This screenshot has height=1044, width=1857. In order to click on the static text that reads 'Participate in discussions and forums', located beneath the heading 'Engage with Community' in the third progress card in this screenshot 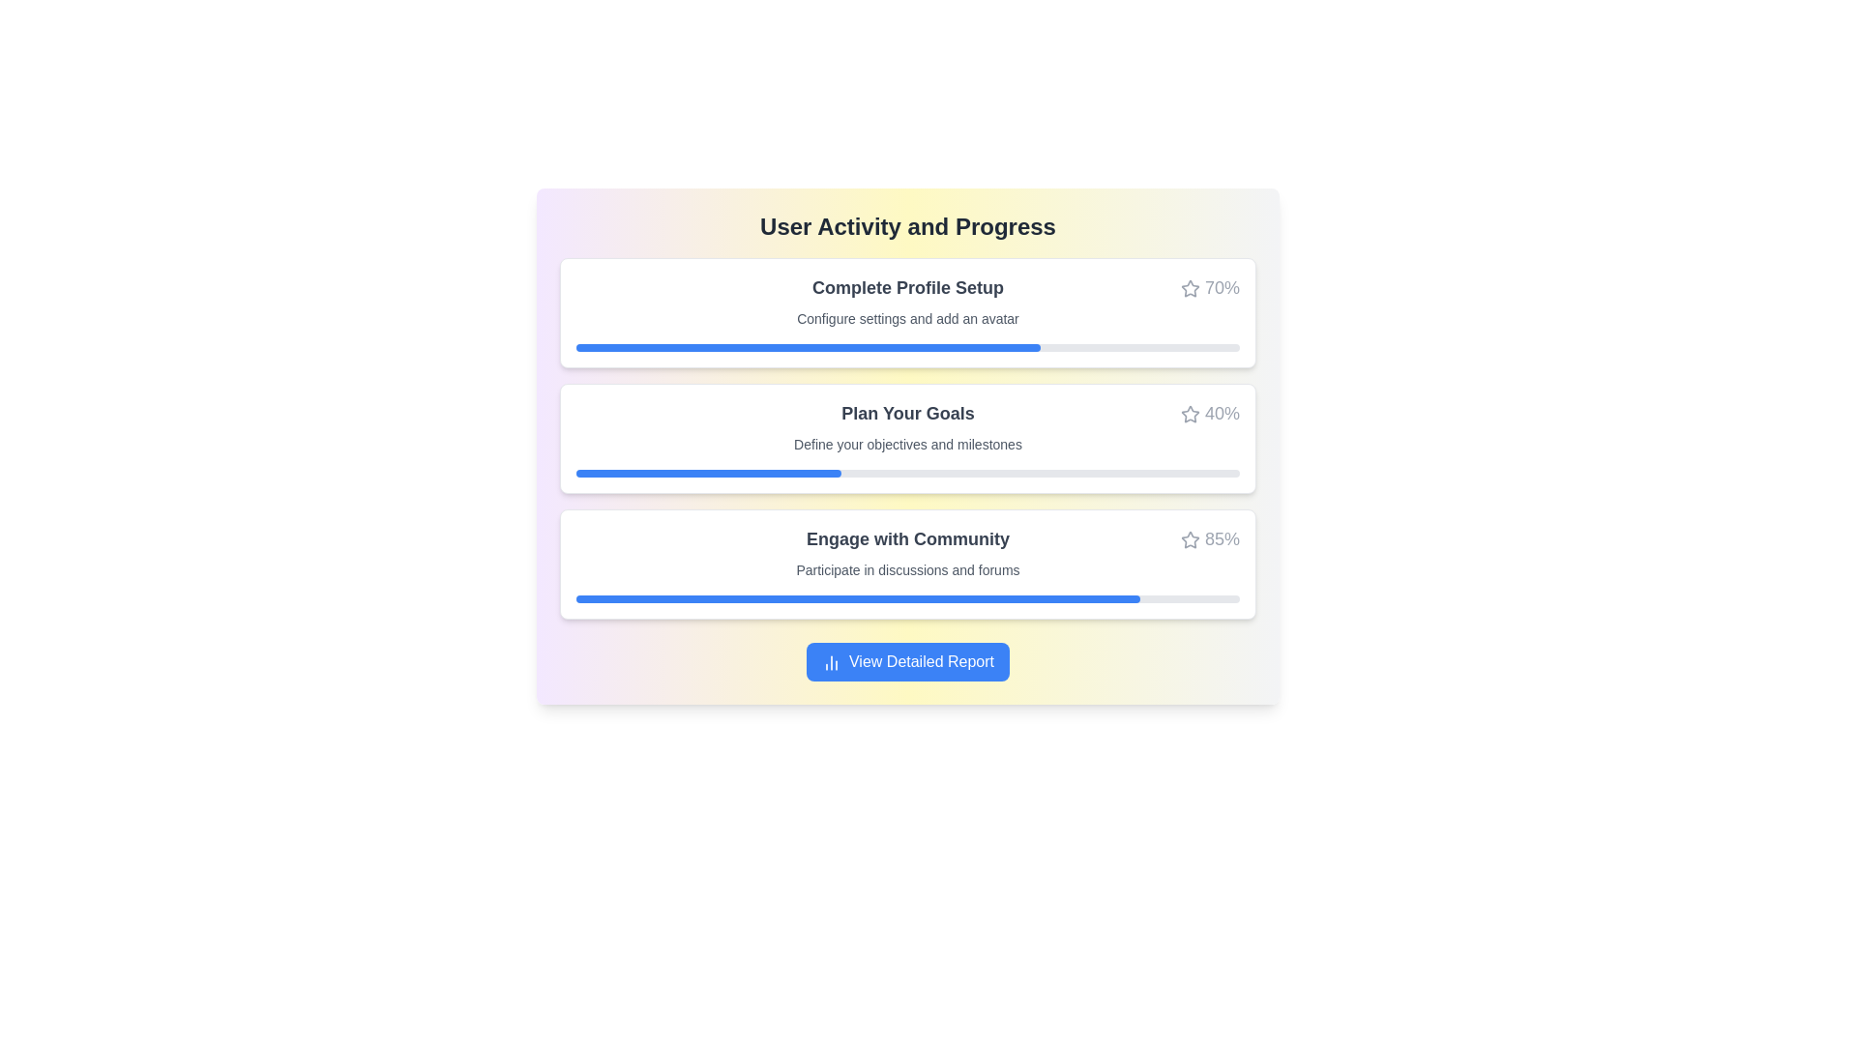, I will do `click(907, 569)`.